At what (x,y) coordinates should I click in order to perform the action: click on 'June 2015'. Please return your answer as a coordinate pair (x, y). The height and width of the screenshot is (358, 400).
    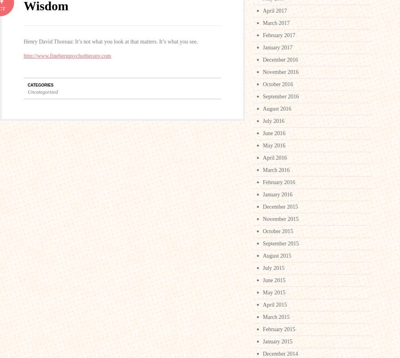
    Looking at the image, I should click on (274, 280).